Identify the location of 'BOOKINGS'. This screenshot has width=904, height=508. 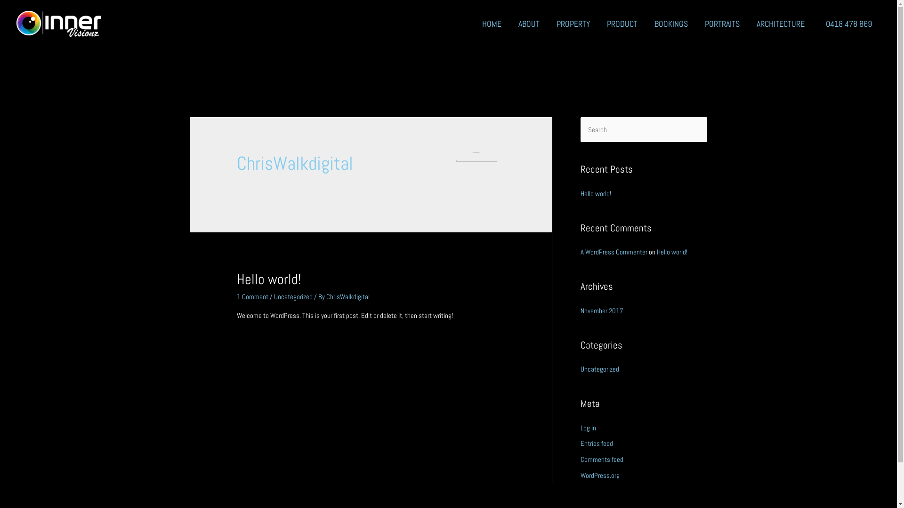
(670, 23).